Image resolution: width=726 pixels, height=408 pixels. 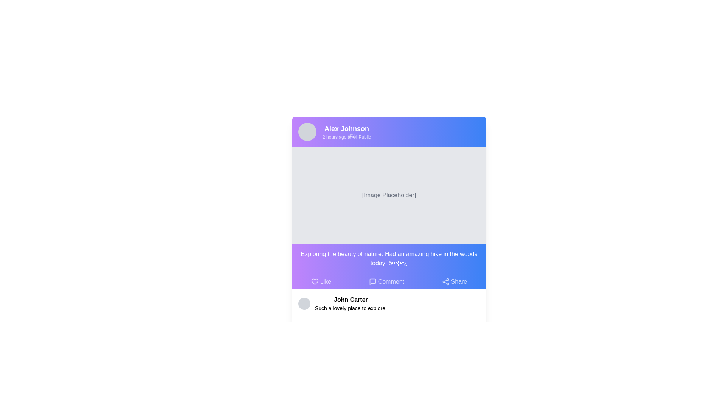 What do you see at coordinates (304, 303) in the screenshot?
I see `the Avatar Placeholder, which is a circular element with a light gray background located` at bounding box center [304, 303].